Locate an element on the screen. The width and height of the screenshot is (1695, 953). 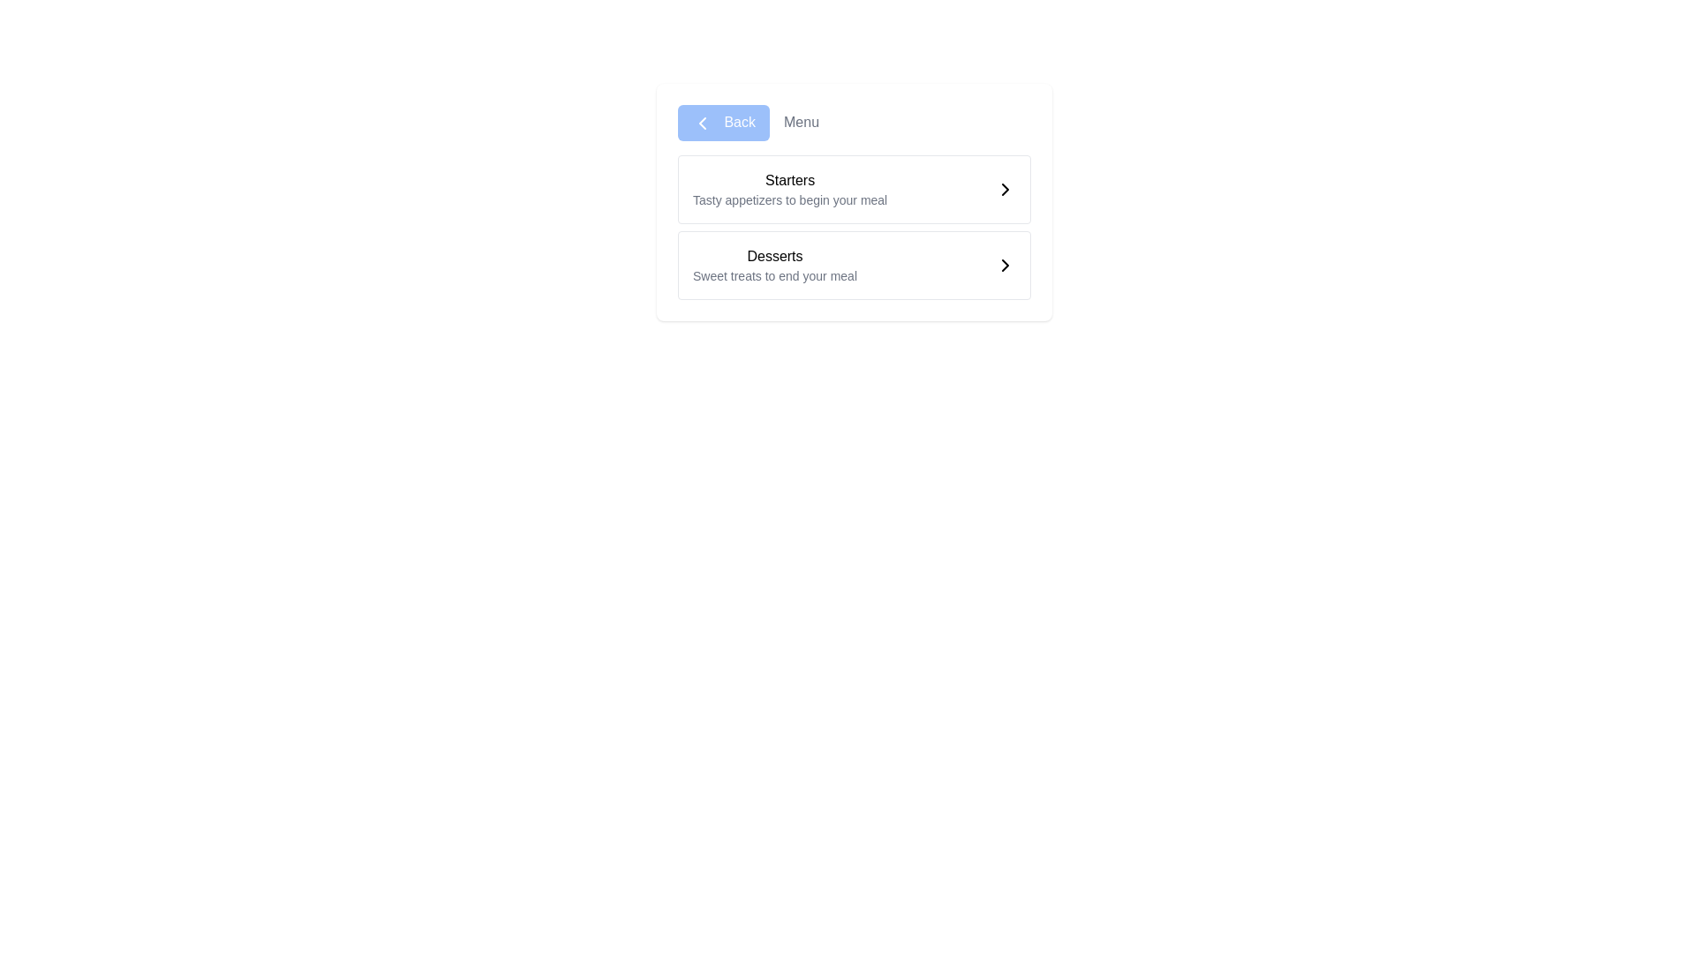
the Navigation link for desserts, which is located in the middle of a white card component, directly below the 'Starters' item is located at coordinates (855, 265).